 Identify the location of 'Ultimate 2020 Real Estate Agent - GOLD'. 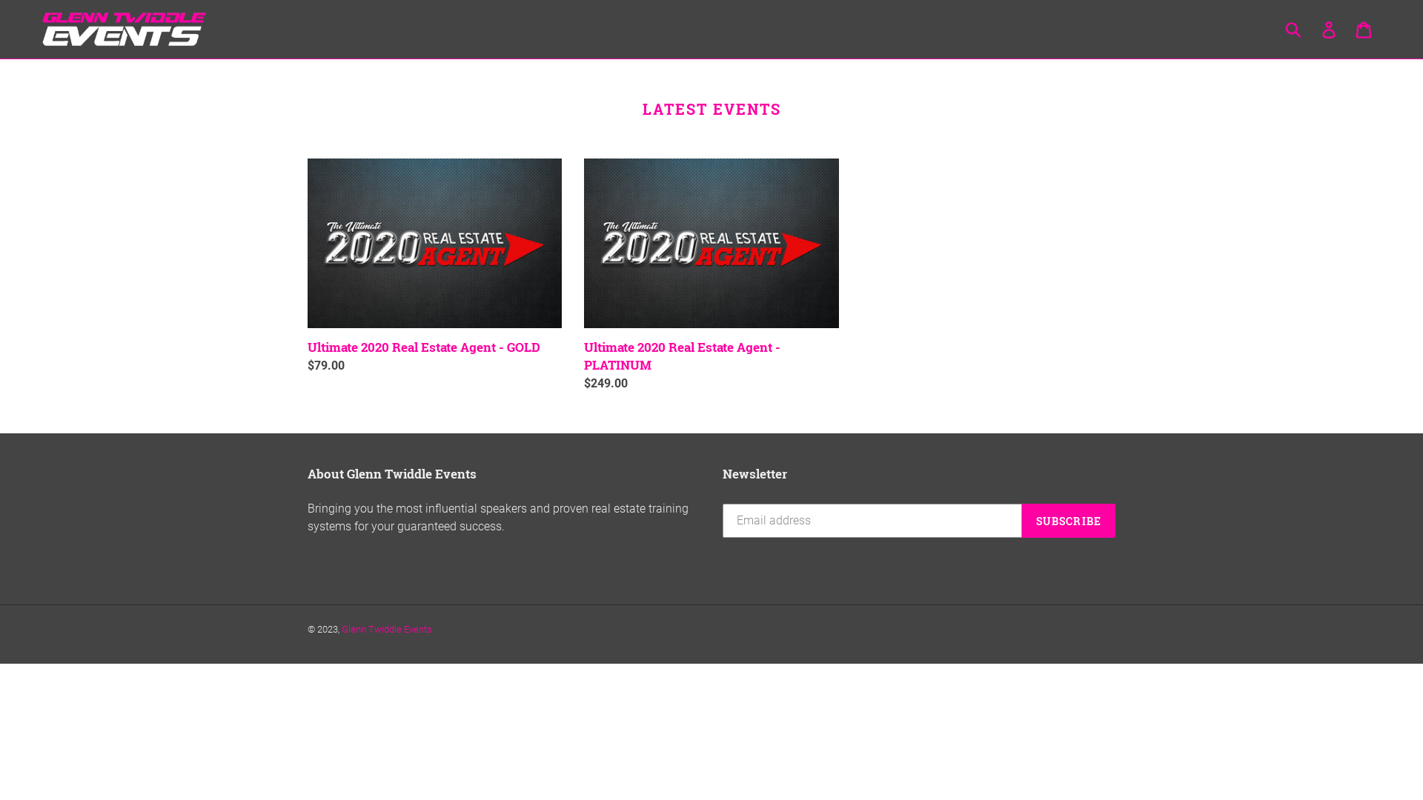
(306, 265).